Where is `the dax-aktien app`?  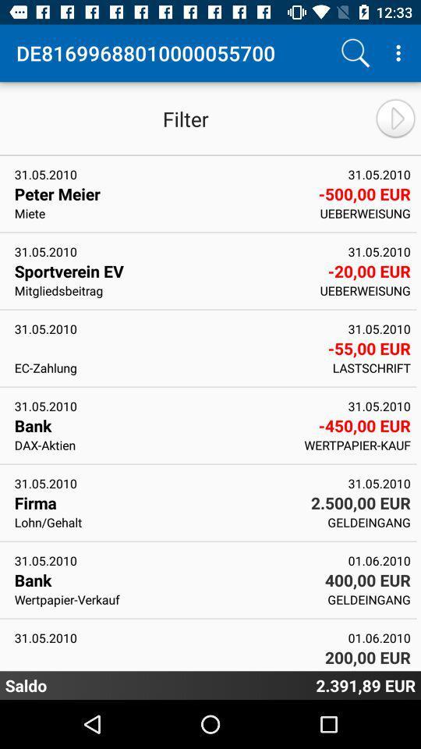 the dax-aktien app is located at coordinates (154, 445).